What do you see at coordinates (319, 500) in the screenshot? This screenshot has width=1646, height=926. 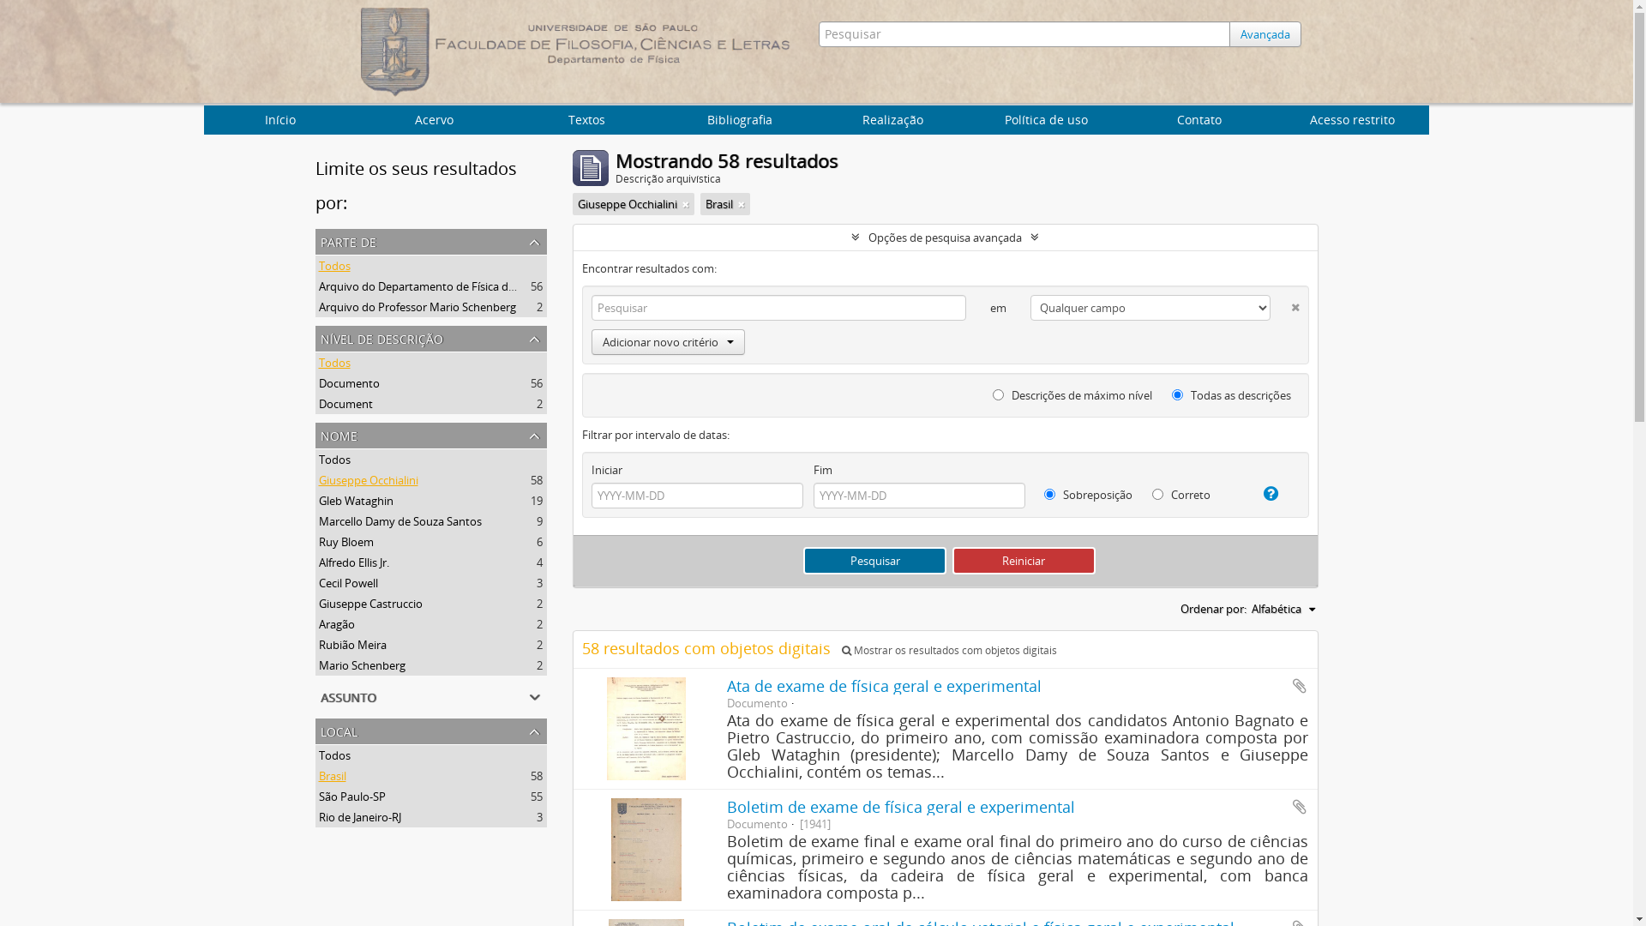 I see `'Gleb Wataghin'` at bounding box center [319, 500].